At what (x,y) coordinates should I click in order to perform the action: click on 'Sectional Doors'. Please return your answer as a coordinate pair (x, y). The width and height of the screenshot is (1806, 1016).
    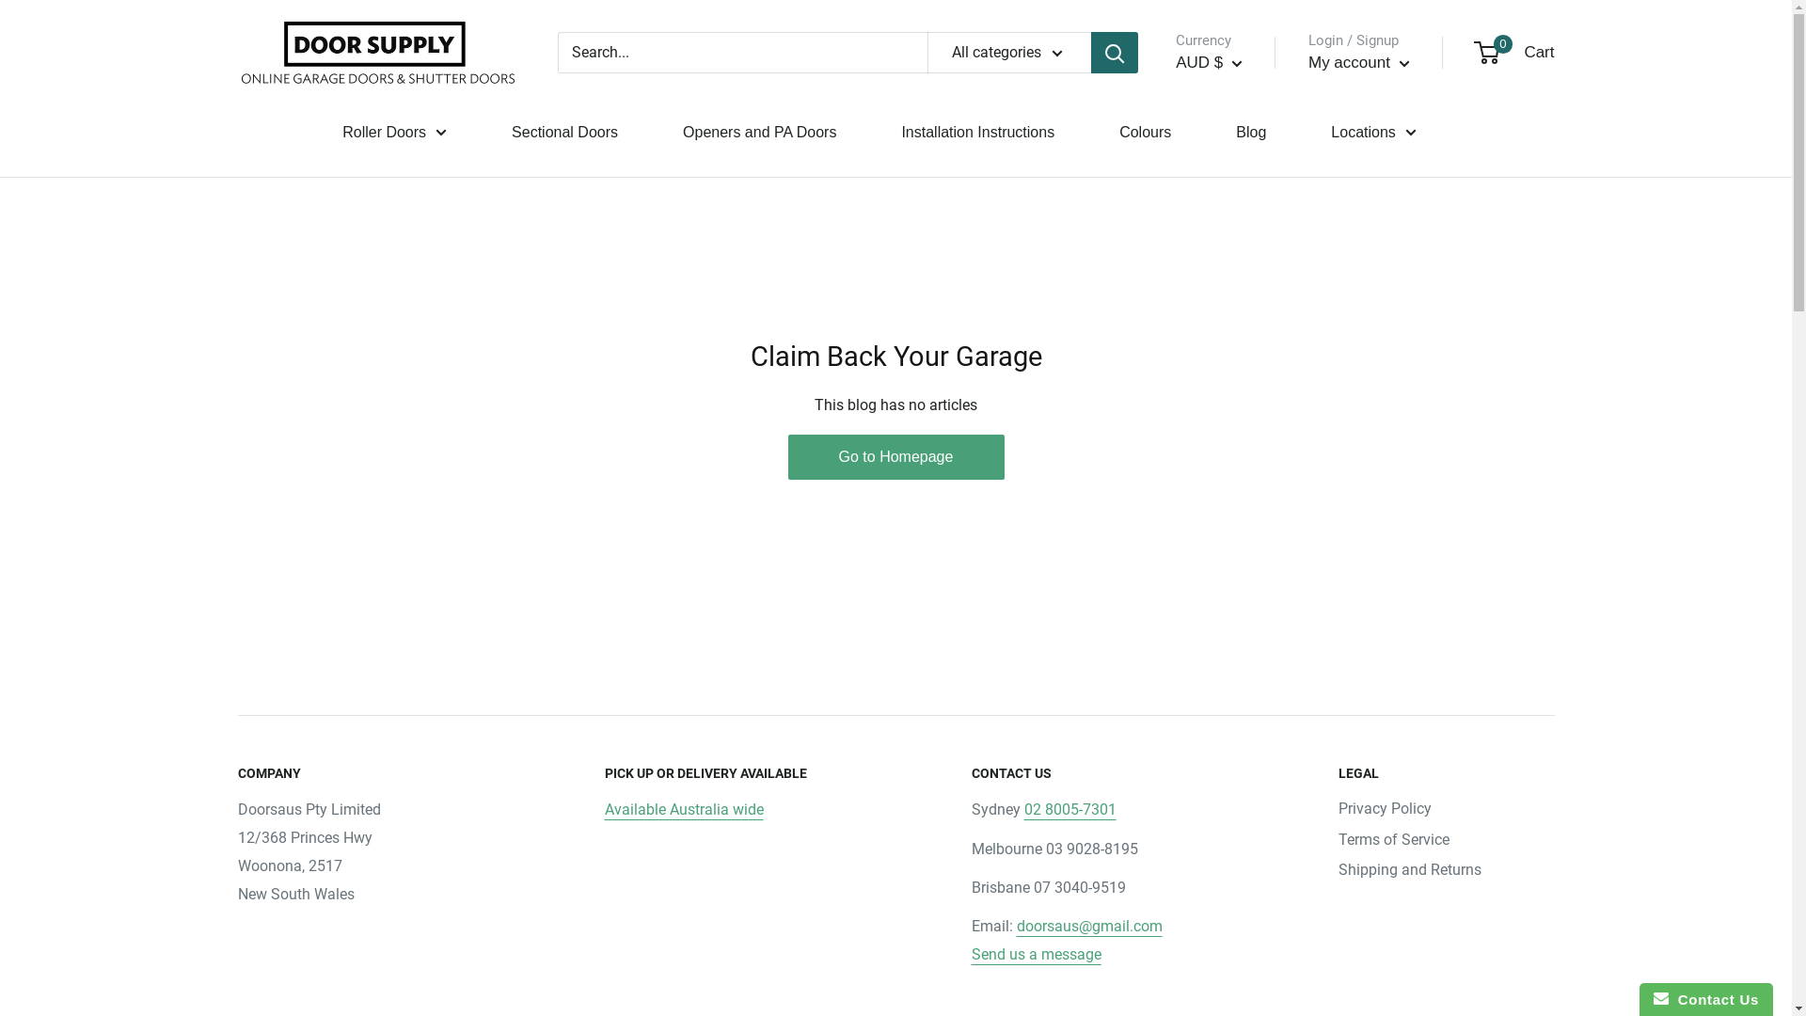
    Looking at the image, I should click on (563, 132).